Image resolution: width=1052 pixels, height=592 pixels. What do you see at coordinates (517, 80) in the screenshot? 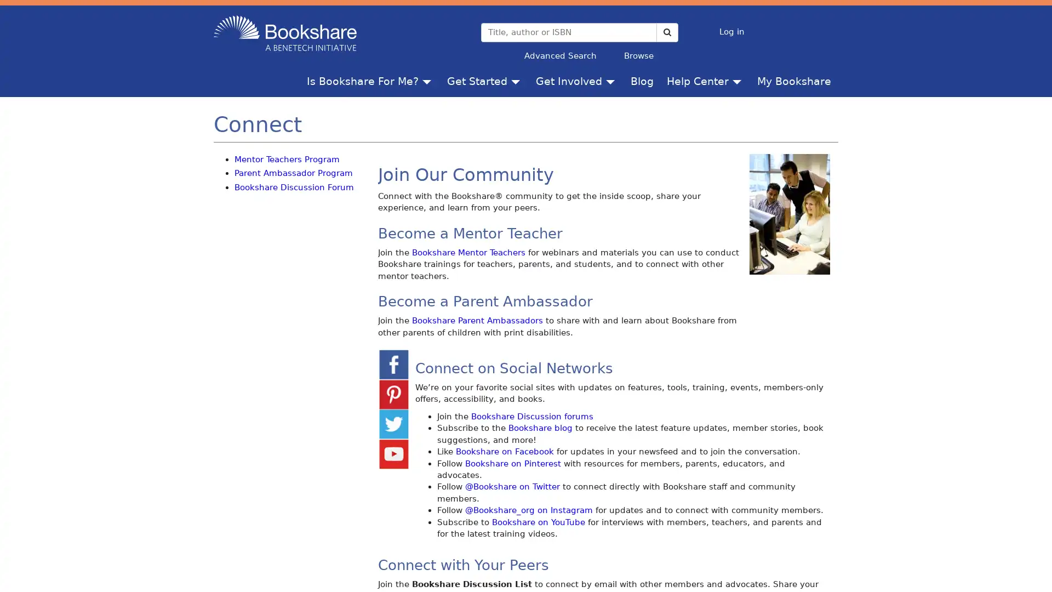
I see `Get Started menu` at bounding box center [517, 80].